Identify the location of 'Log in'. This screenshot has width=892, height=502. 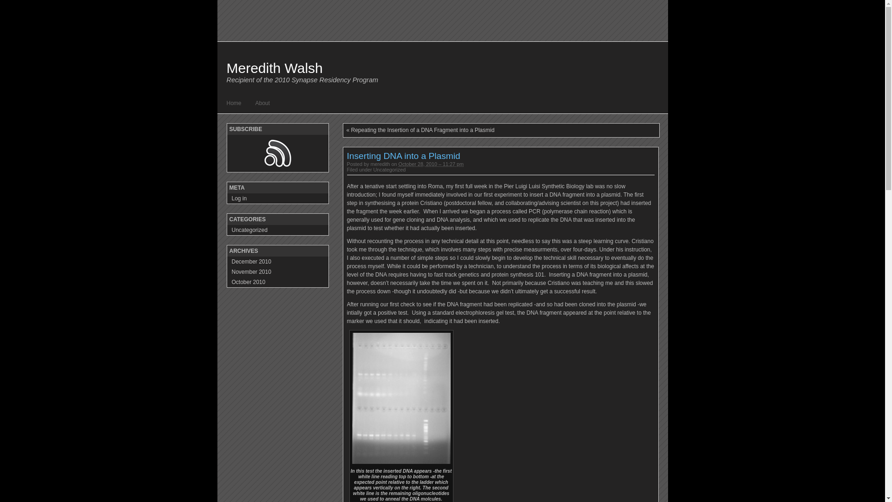
(276, 198).